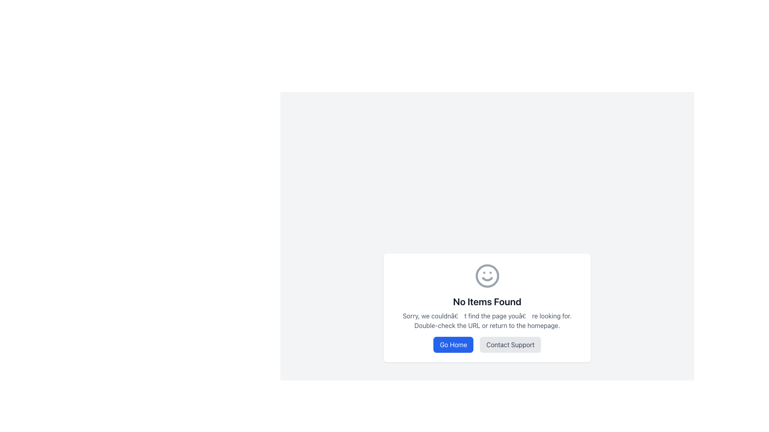 This screenshot has height=432, width=769. Describe the element at coordinates (453, 344) in the screenshot. I see `the 'Go Home' button with rounded corners and blue background located below the 'No Items Found' message` at that location.